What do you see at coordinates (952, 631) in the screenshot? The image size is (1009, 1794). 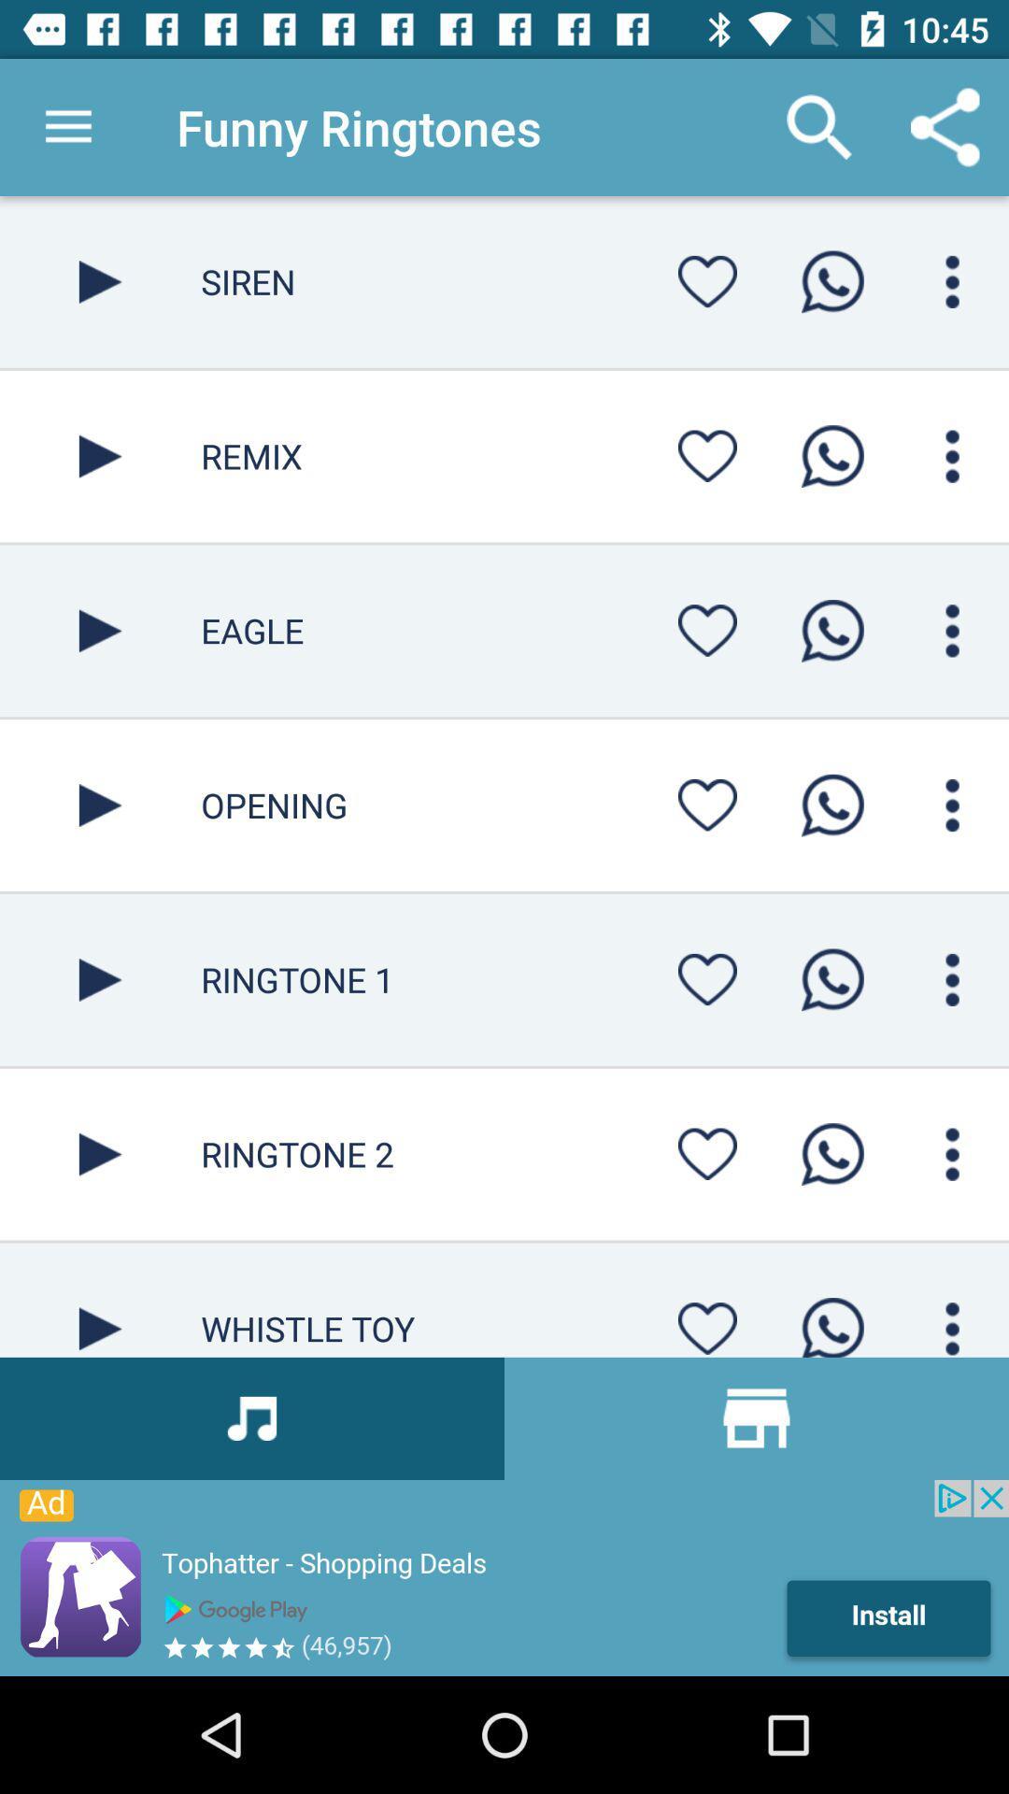 I see `icon` at bounding box center [952, 631].